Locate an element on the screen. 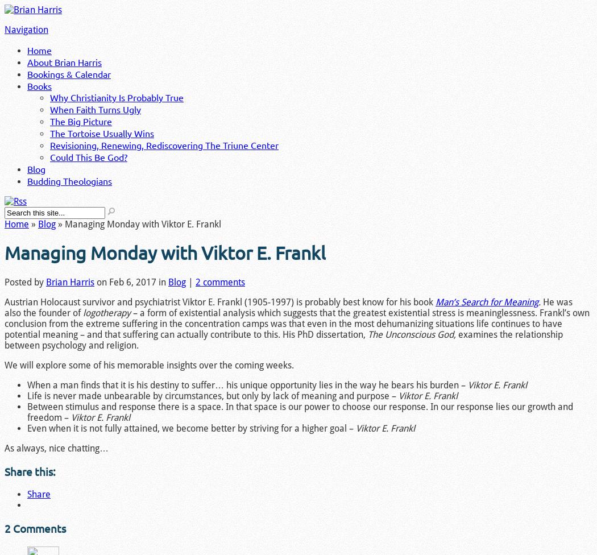 The width and height of the screenshot is (597, 555). 'Navigation' is located at coordinates (26, 30).